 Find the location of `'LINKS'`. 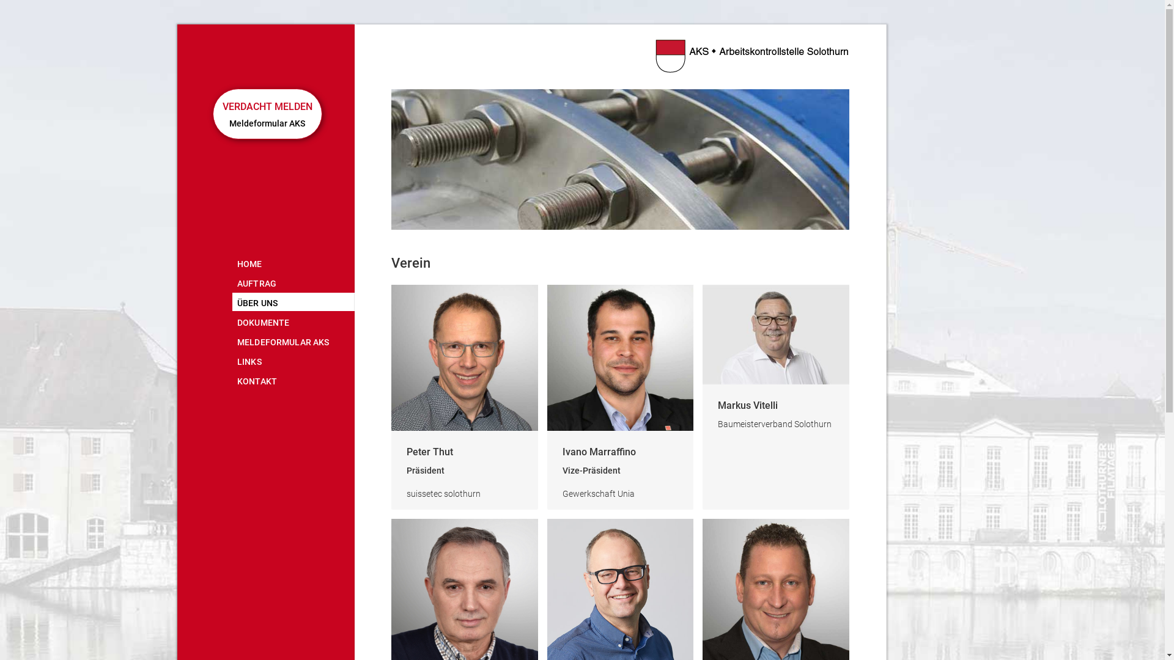

'LINKS' is located at coordinates (293, 360).